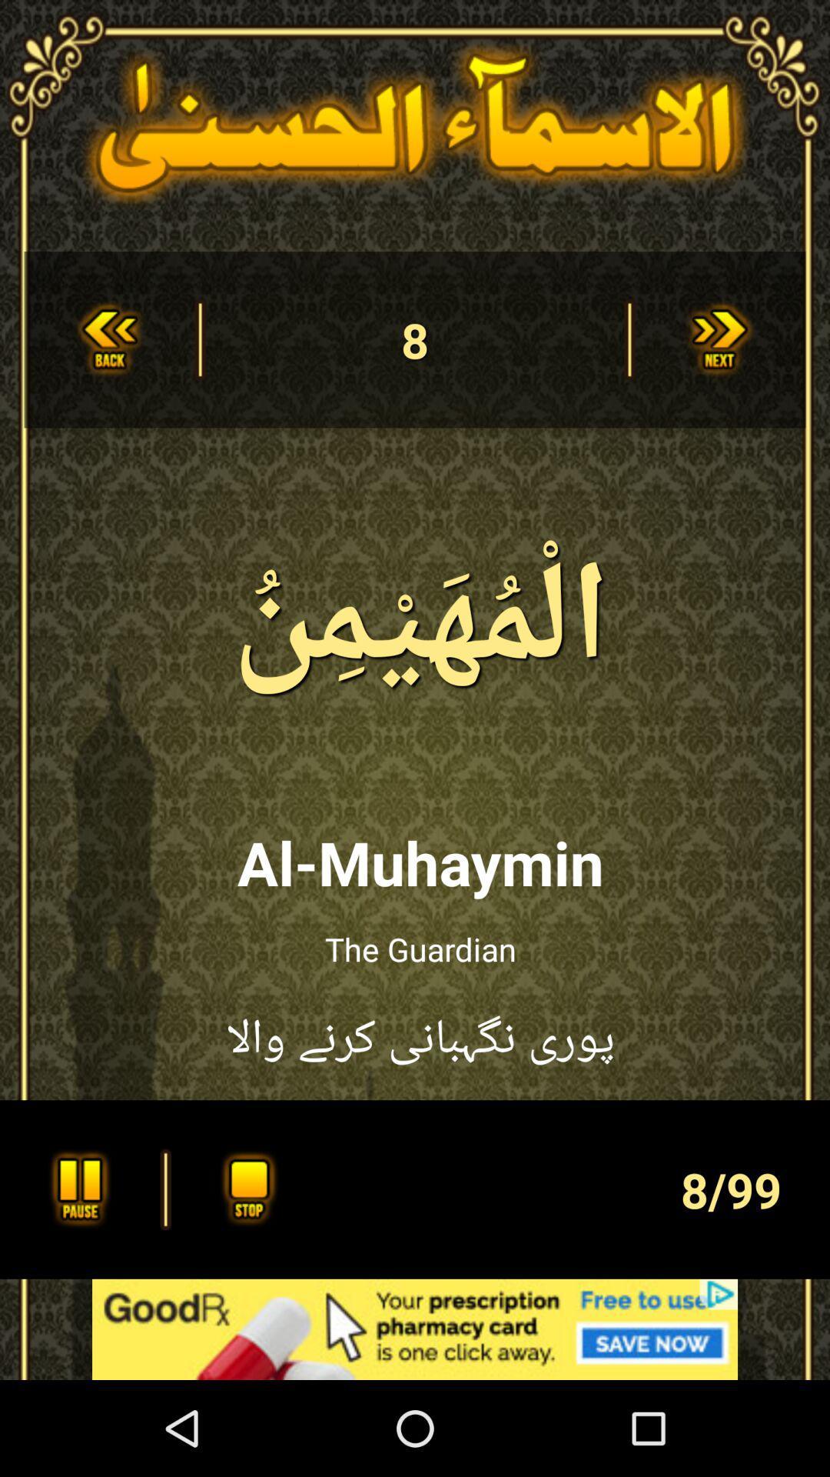  What do you see at coordinates (244, 1189) in the screenshot?
I see `stop playing` at bounding box center [244, 1189].